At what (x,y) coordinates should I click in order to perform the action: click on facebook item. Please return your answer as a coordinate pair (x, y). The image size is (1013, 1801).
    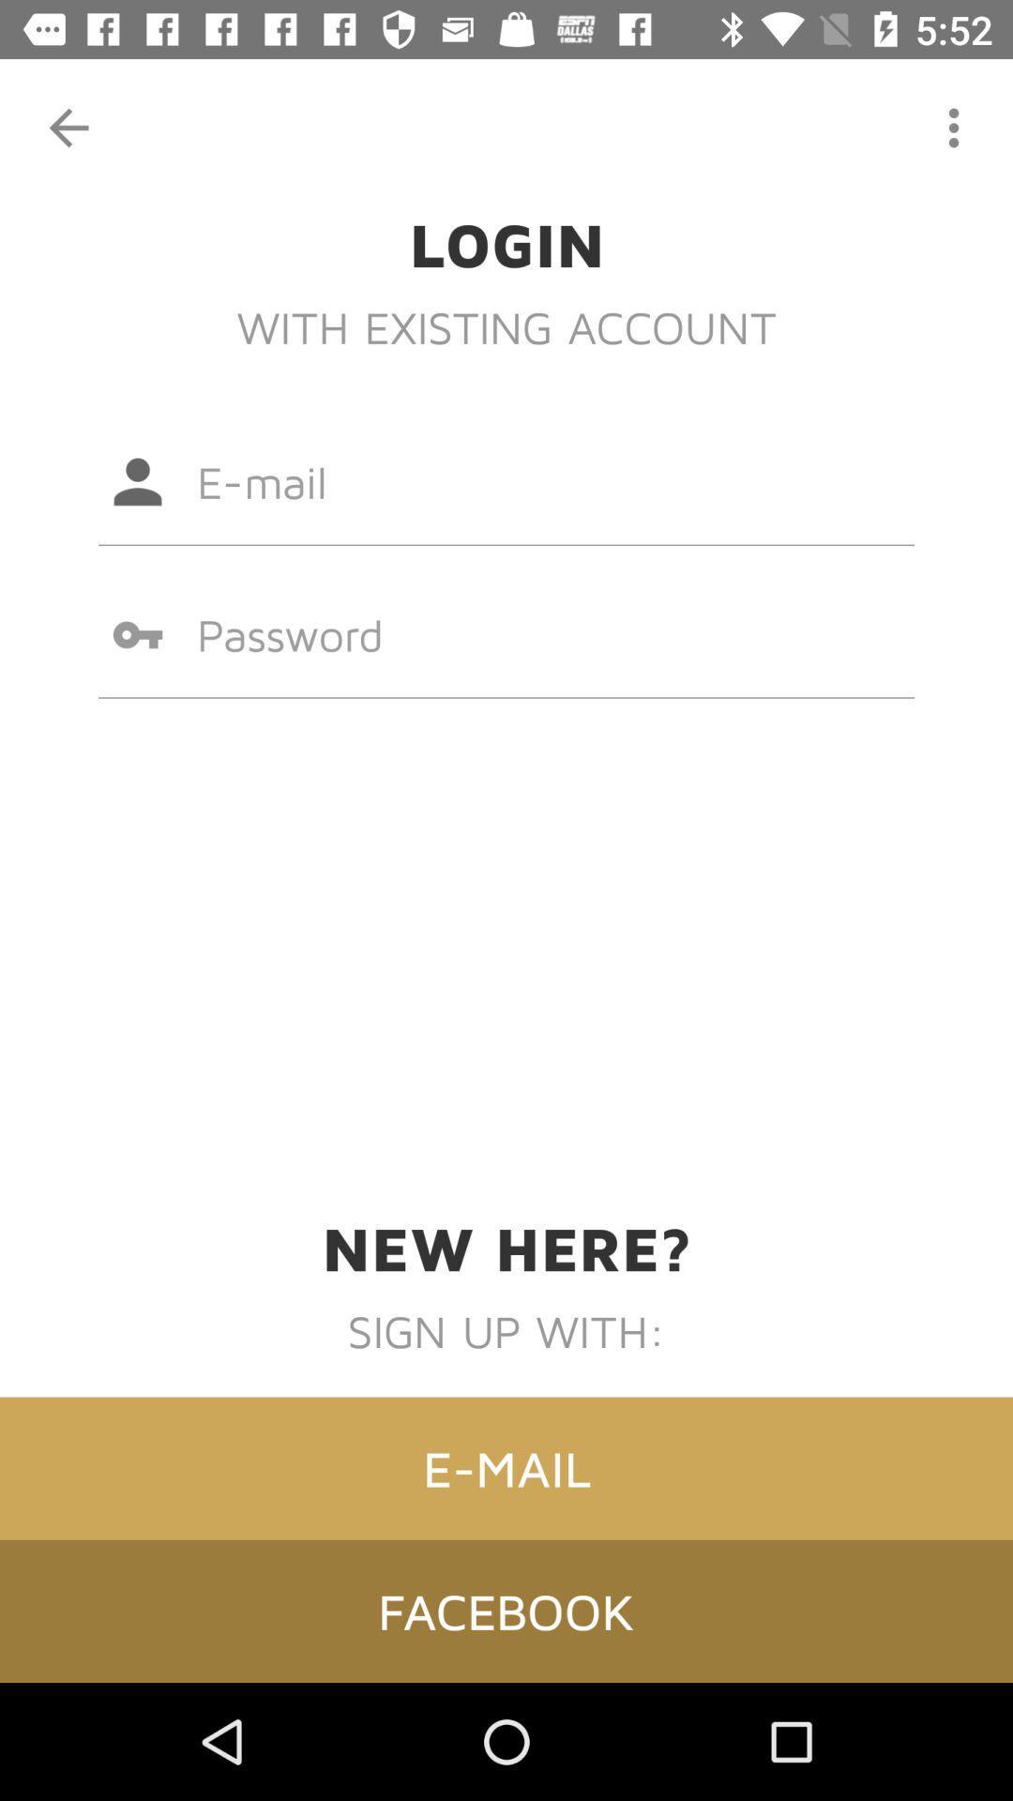
    Looking at the image, I should click on (506, 1610).